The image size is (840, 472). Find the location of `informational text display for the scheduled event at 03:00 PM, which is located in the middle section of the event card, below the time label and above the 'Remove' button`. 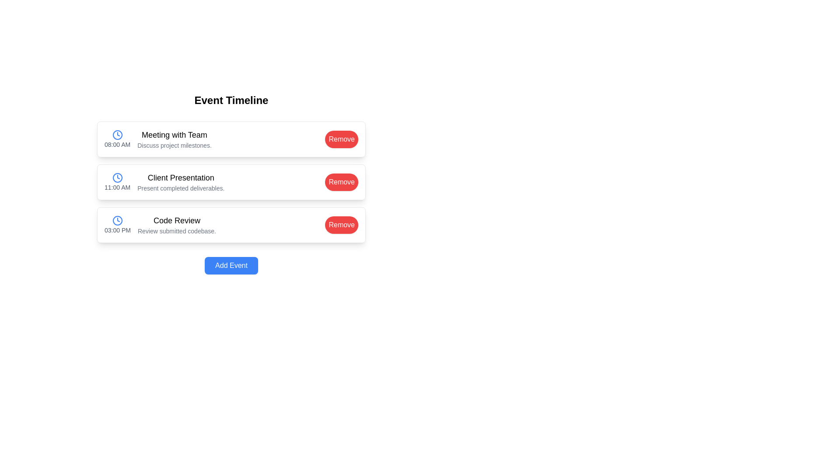

informational text display for the scheduled event at 03:00 PM, which is located in the middle section of the event card, below the time label and above the 'Remove' button is located at coordinates (176, 225).